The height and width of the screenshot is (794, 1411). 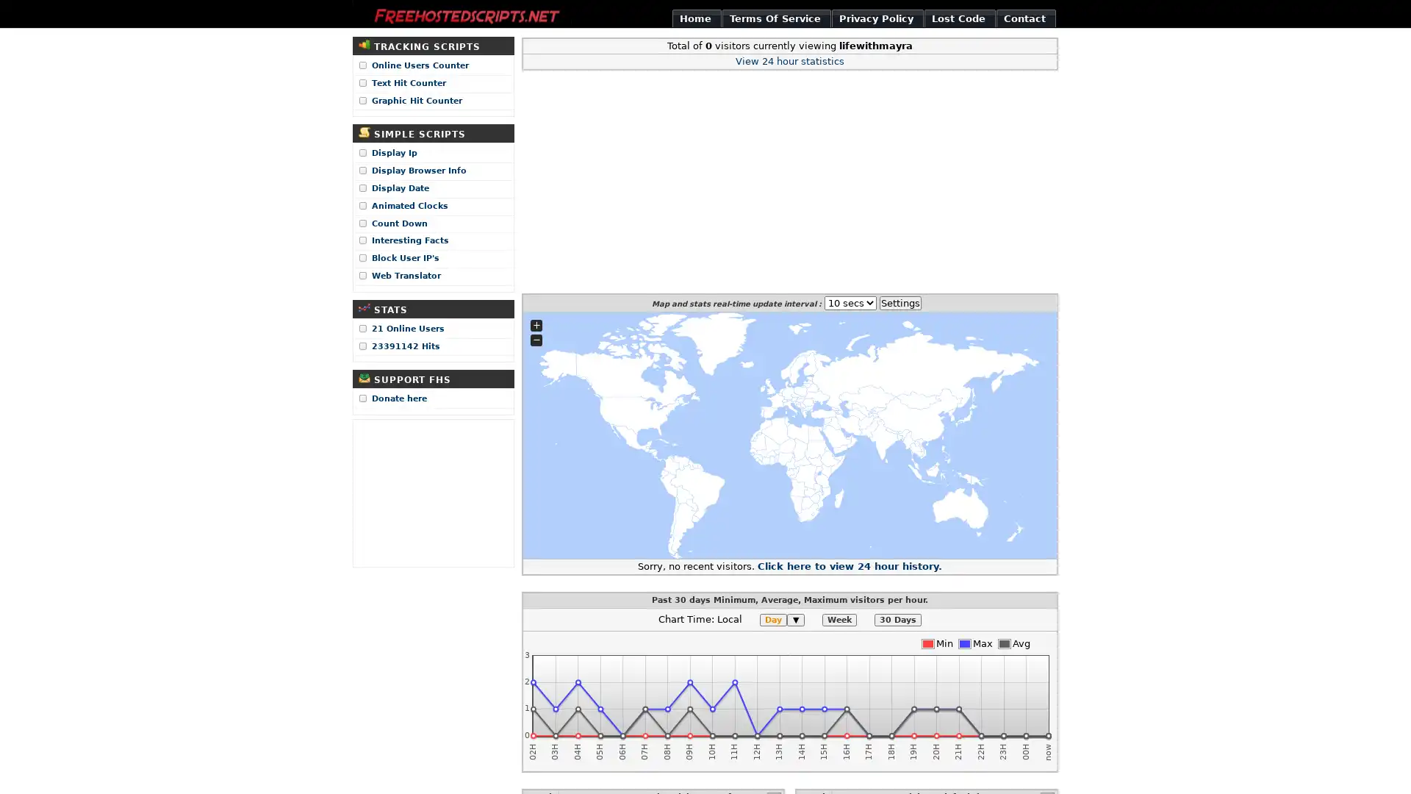 I want to click on Day, so click(x=772, y=620).